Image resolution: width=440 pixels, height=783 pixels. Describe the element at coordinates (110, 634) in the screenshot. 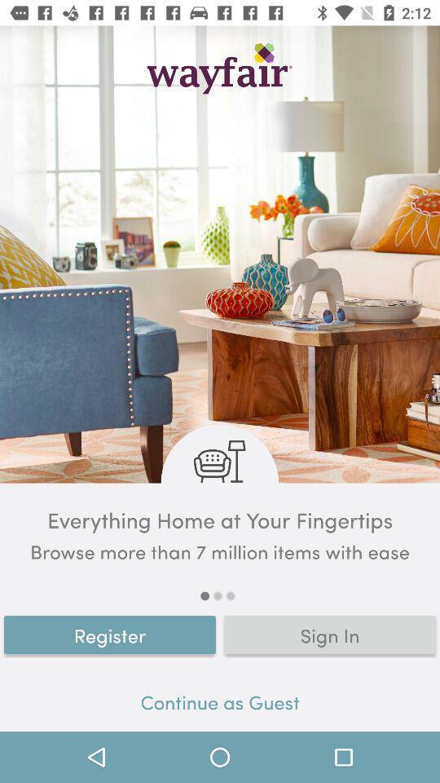

I see `icon above the continue as guest icon` at that location.